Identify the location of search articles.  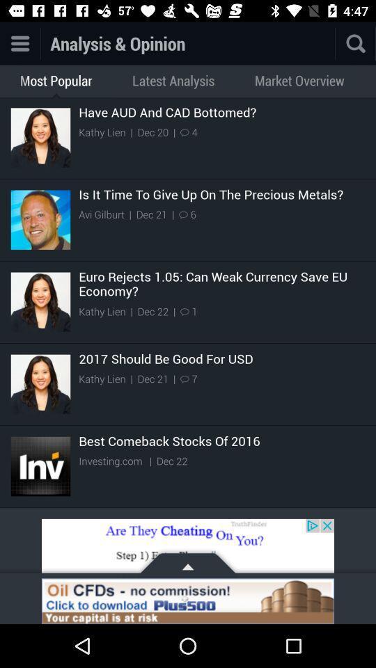
(334, 43).